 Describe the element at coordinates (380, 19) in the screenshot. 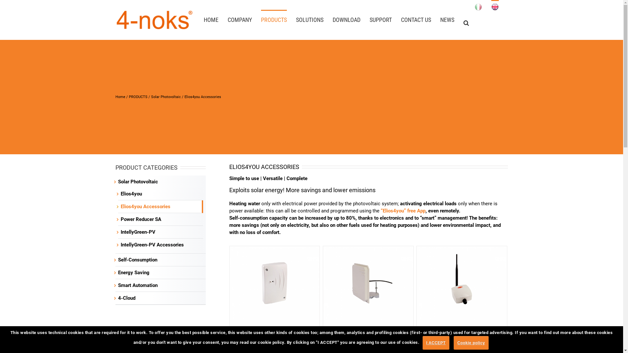

I see `'SUPPORT'` at that location.